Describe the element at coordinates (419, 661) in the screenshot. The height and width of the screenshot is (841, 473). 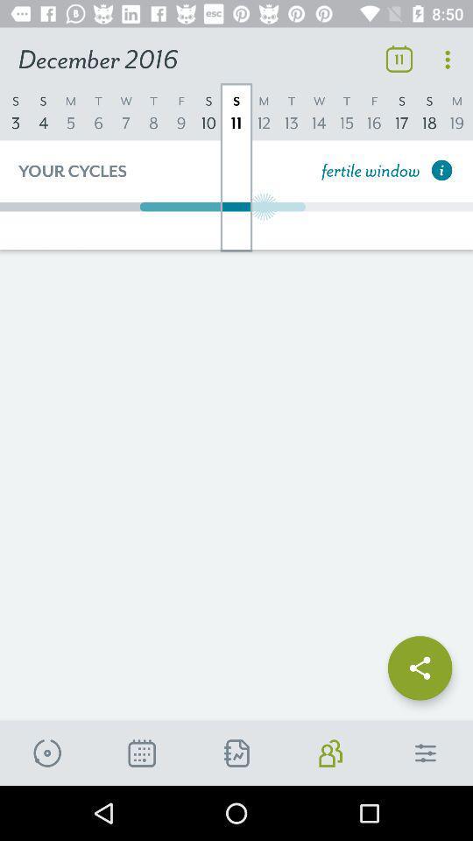
I see `share box` at that location.